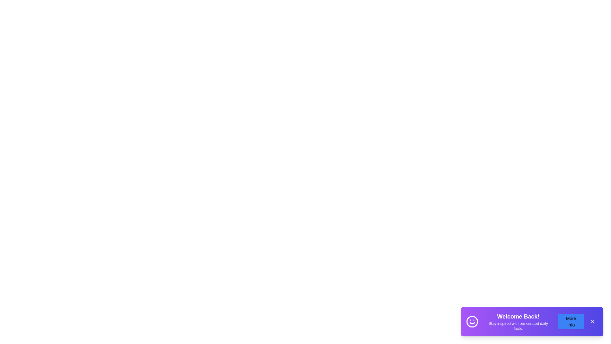  What do you see at coordinates (472, 322) in the screenshot?
I see `the smile_icon to trigger its hover effect` at bounding box center [472, 322].